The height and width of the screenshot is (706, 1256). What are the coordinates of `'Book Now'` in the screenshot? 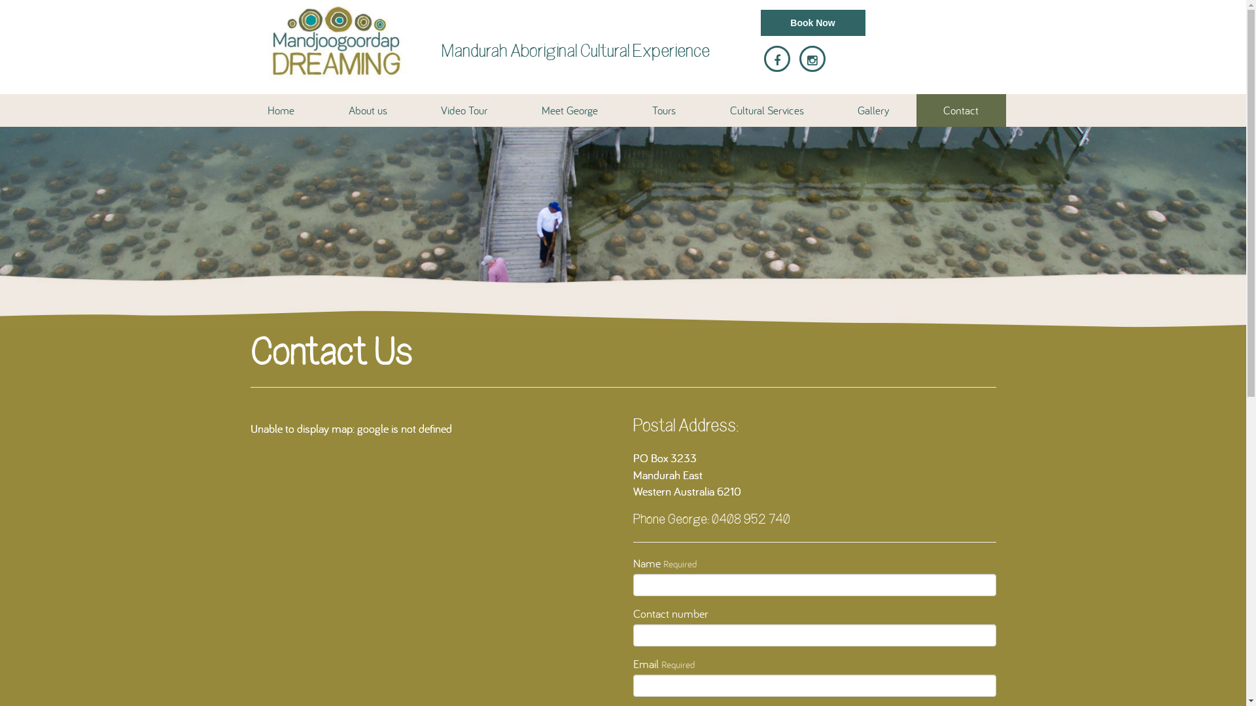 It's located at (812, 22).